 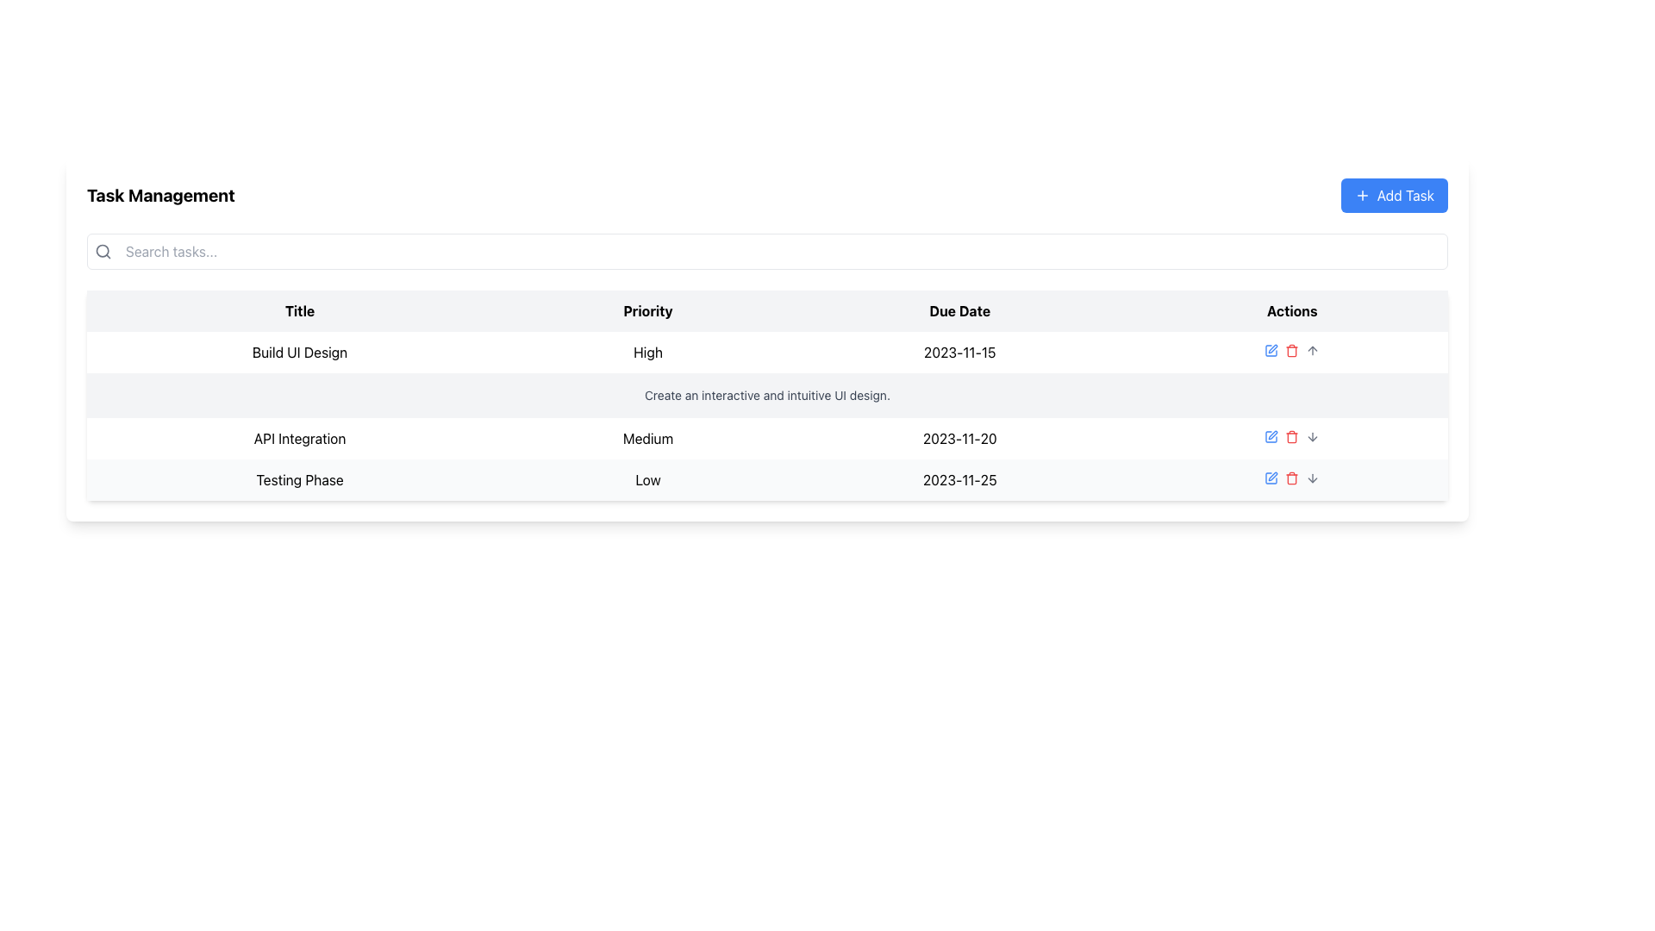 What do you see at coordinates (1273, 434) in the screenshot?
I see `the editing icon located in the 'Actions' column of the second row in the data table` at bounding box center [1273, 434].